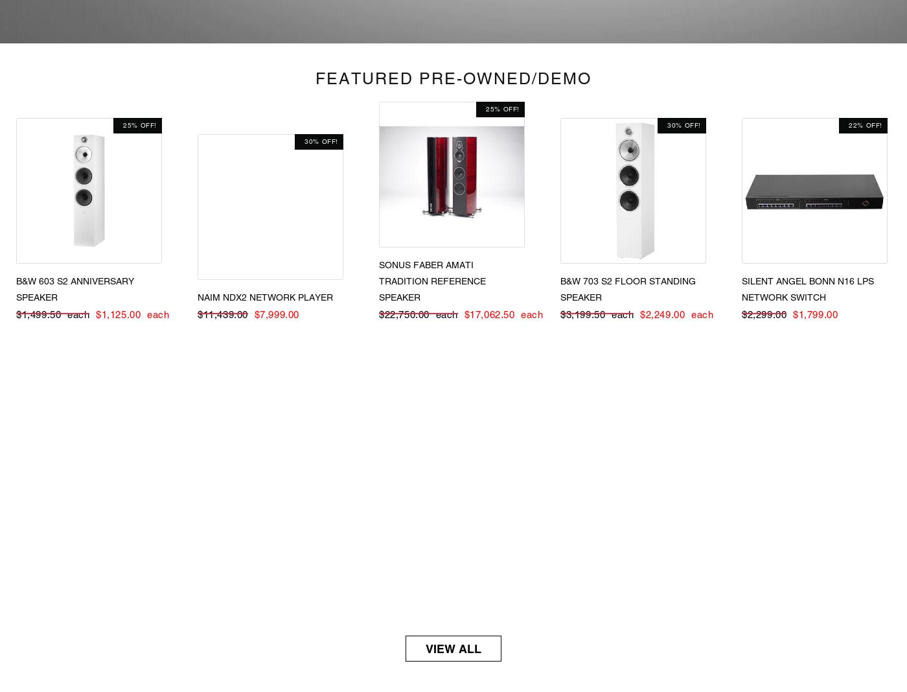 The image size is (907, 692). Describe the element at coordinates (764, 314) in the screenshot. I see `'$2,299.00'` at that location.